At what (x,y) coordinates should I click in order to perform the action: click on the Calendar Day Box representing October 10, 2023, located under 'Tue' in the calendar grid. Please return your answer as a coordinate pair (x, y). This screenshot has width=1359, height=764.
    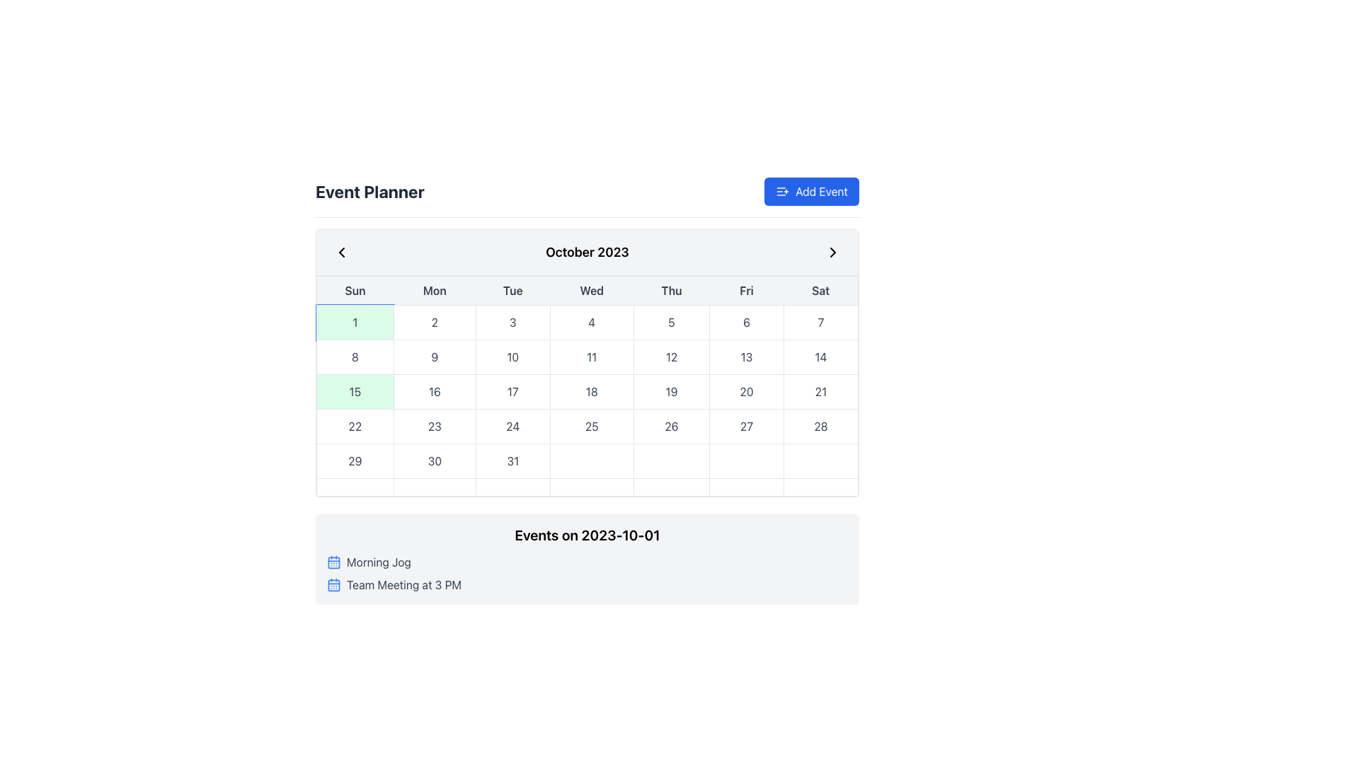
    Looking at the image, I should click on (512, 357).